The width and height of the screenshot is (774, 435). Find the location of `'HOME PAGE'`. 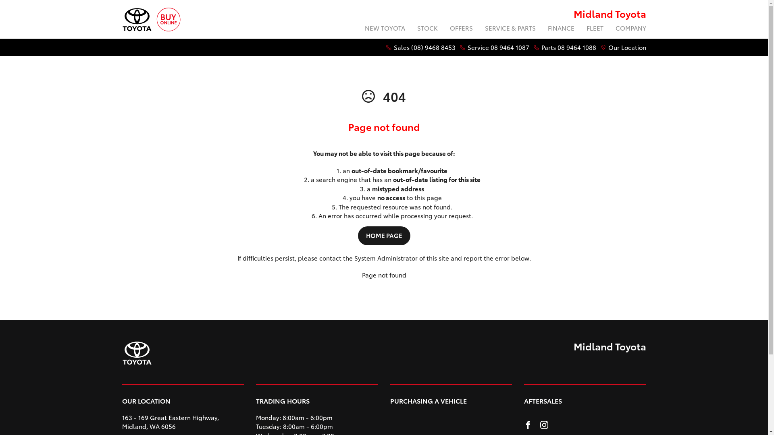

'HOME PAGE' is located at coordinates (384, 236).